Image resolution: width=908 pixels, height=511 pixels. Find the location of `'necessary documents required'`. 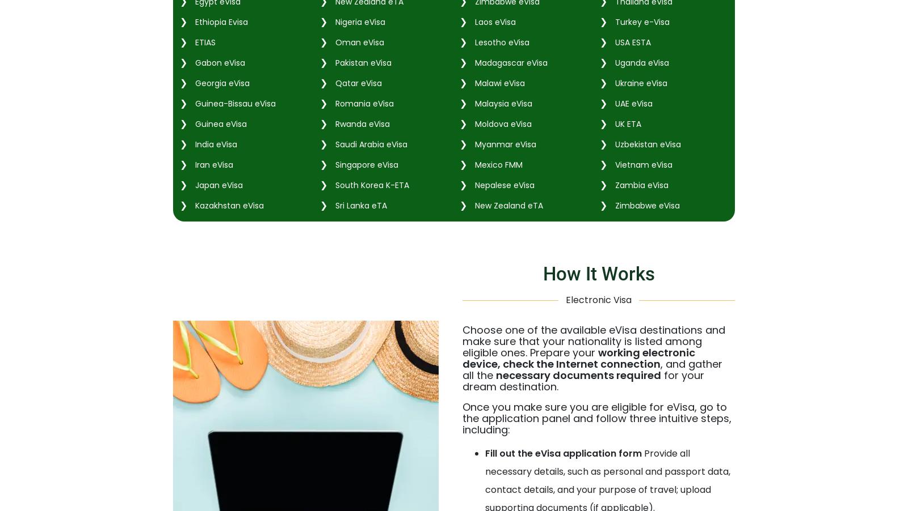

'necessary documents required' is located at coordinates (578, 374).